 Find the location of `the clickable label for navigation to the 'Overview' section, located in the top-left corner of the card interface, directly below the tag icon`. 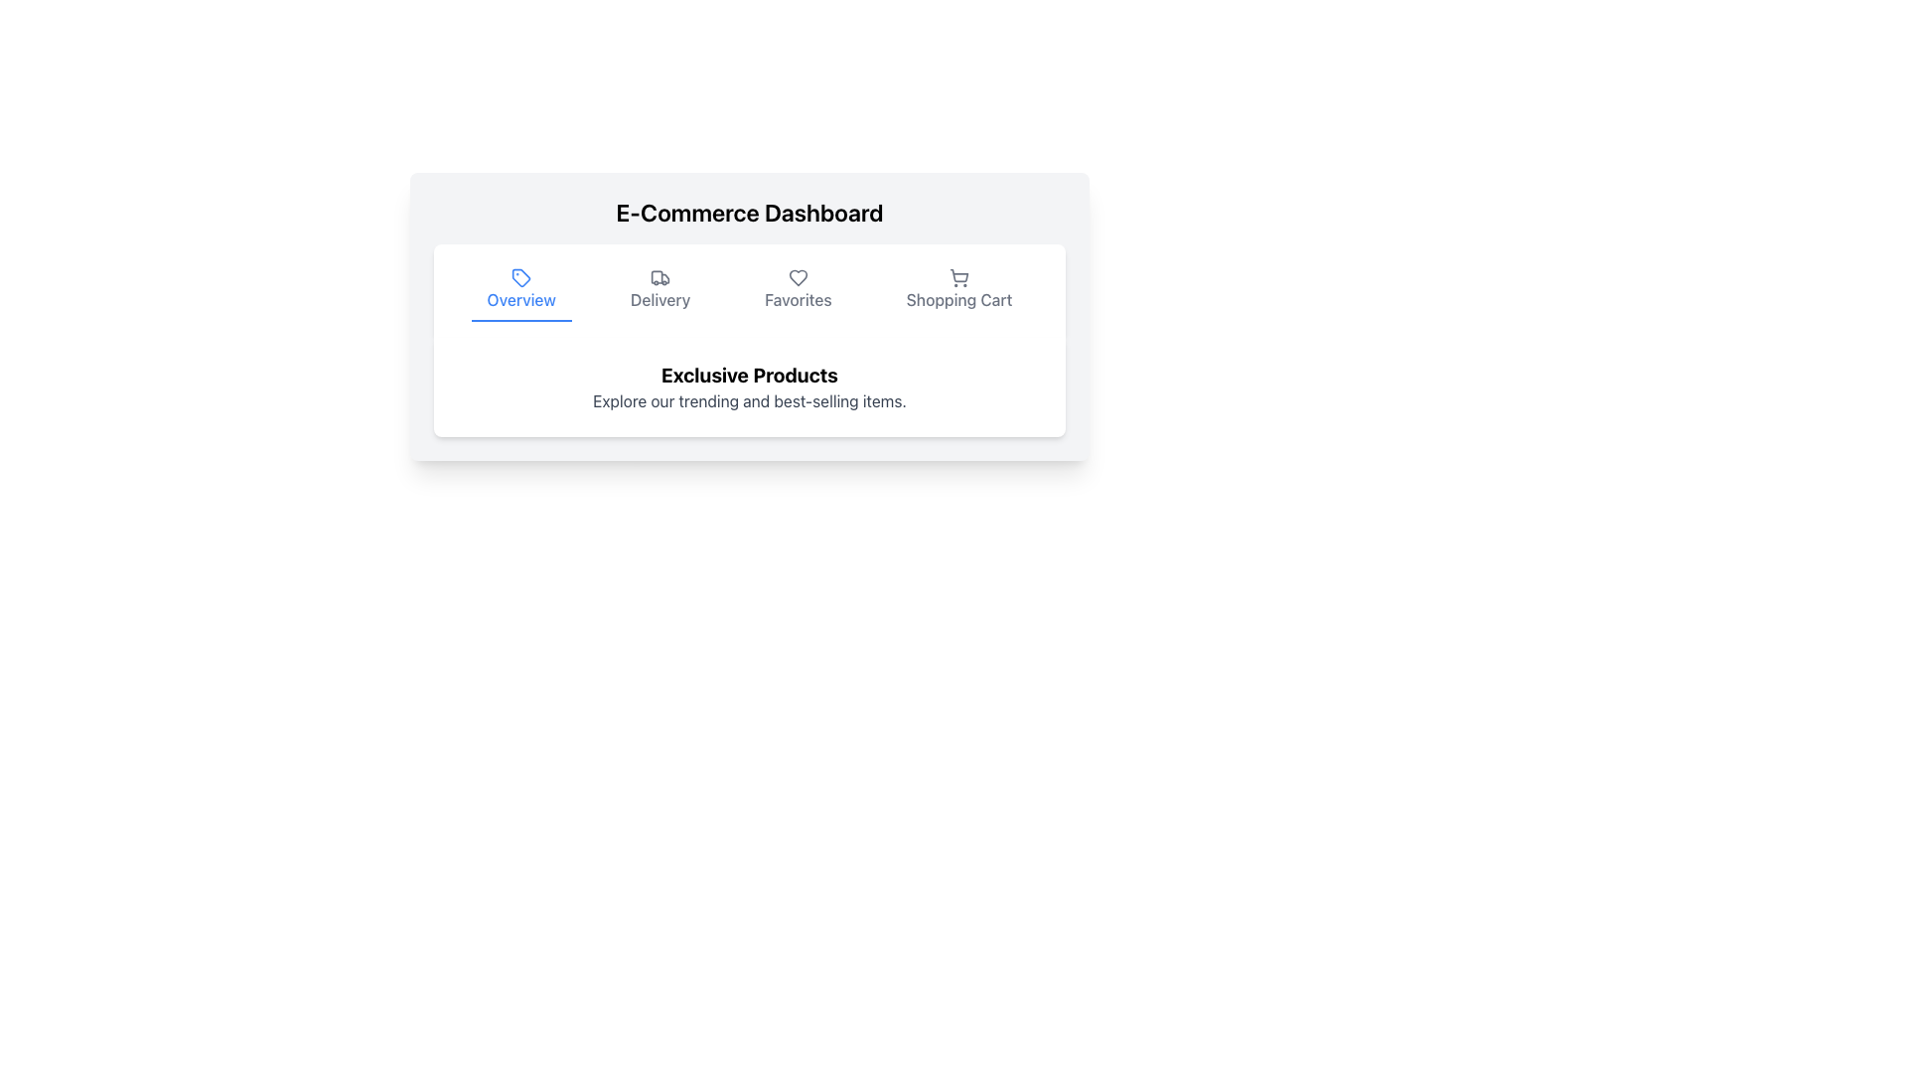

the clickable label for navigation to the 'Overview' section, located in the top-left corner of the card interface, directly below the tag icon is located at coordinates (521, 299).